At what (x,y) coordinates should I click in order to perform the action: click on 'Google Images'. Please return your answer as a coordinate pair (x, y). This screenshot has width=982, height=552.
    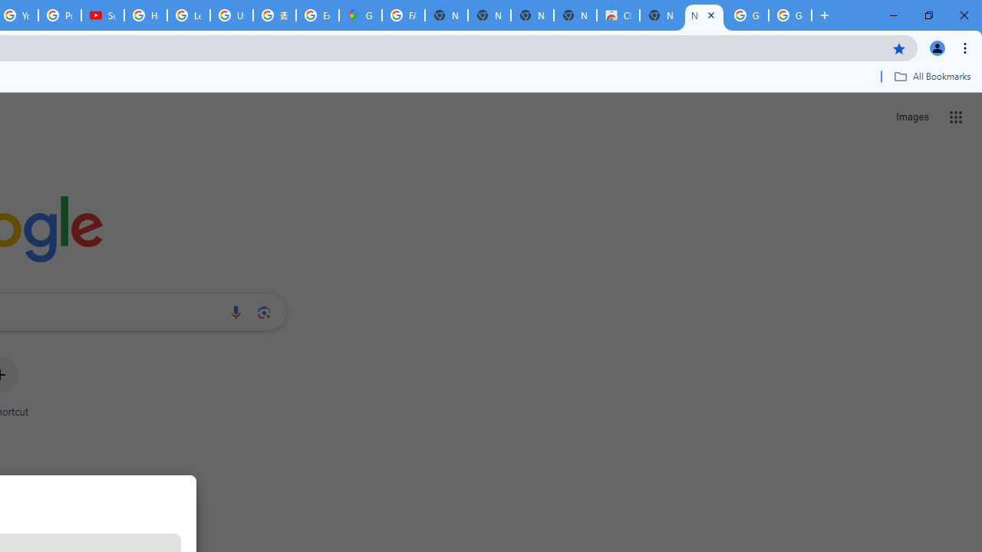
    Looking at the image, I should click on (790, 15).